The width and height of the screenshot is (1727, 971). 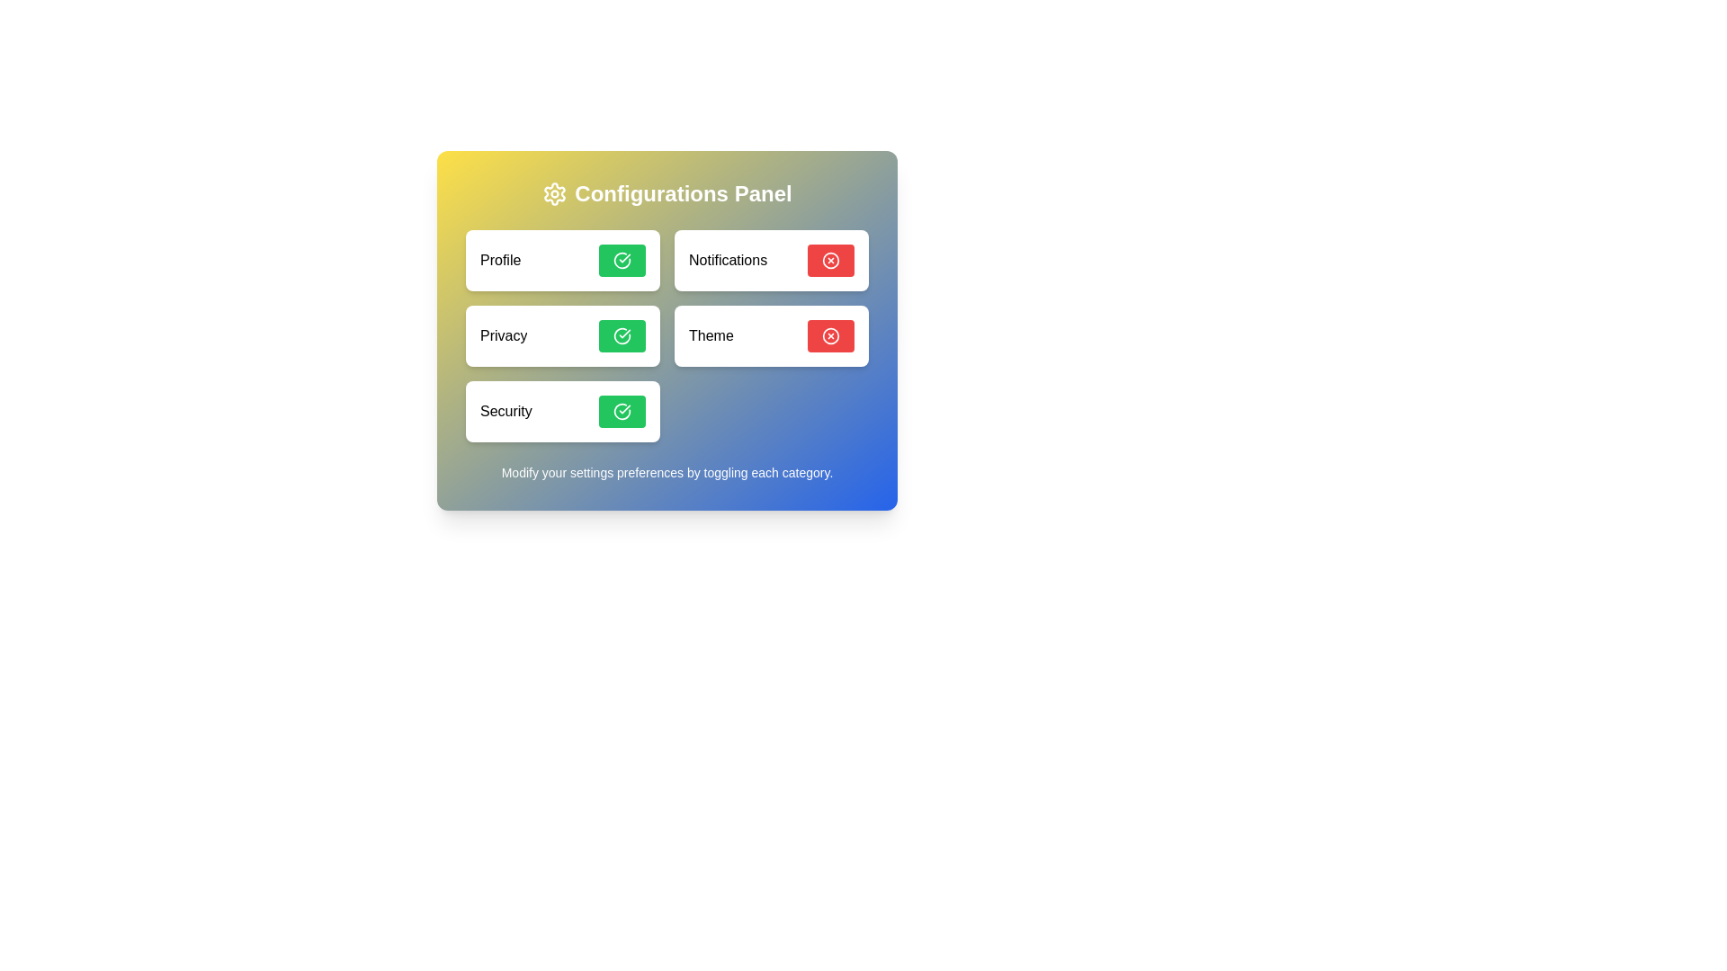 I want to click on the 'Theme' toggle button located on the right side of the configurations panel, so click(x=830, y=336).